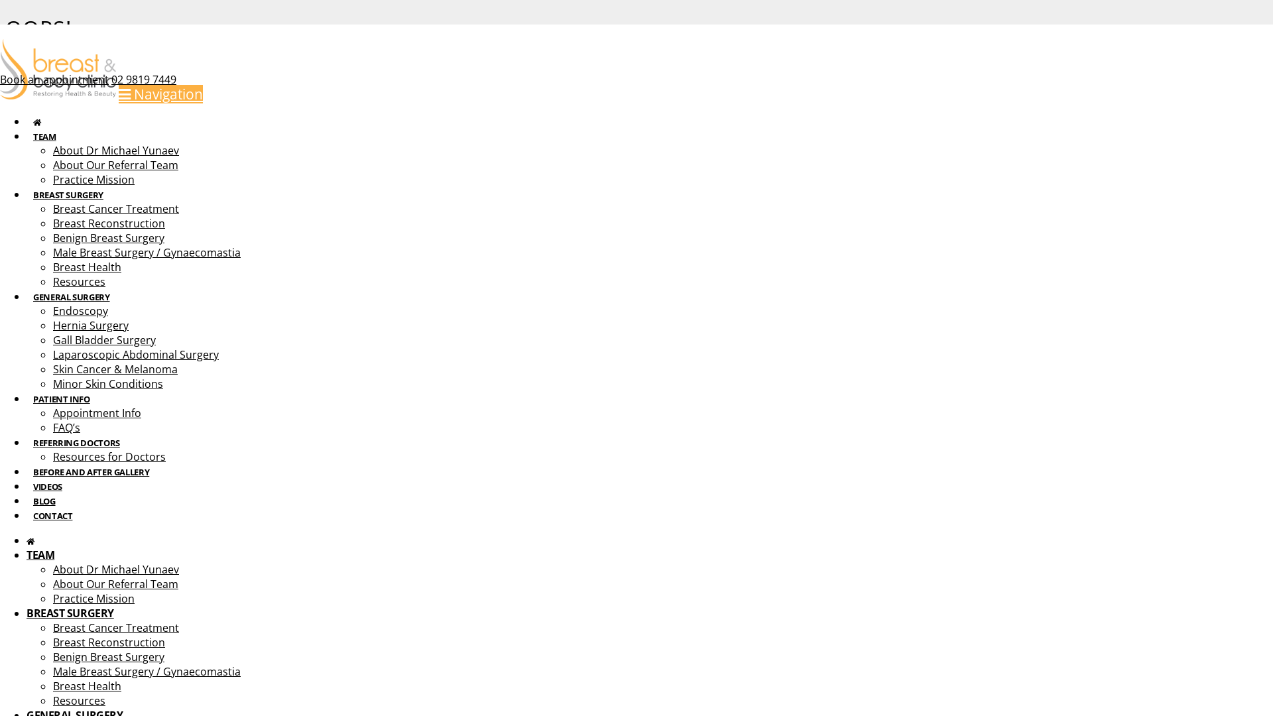  I want to click on 'Book an appointment', so click(53, 79).